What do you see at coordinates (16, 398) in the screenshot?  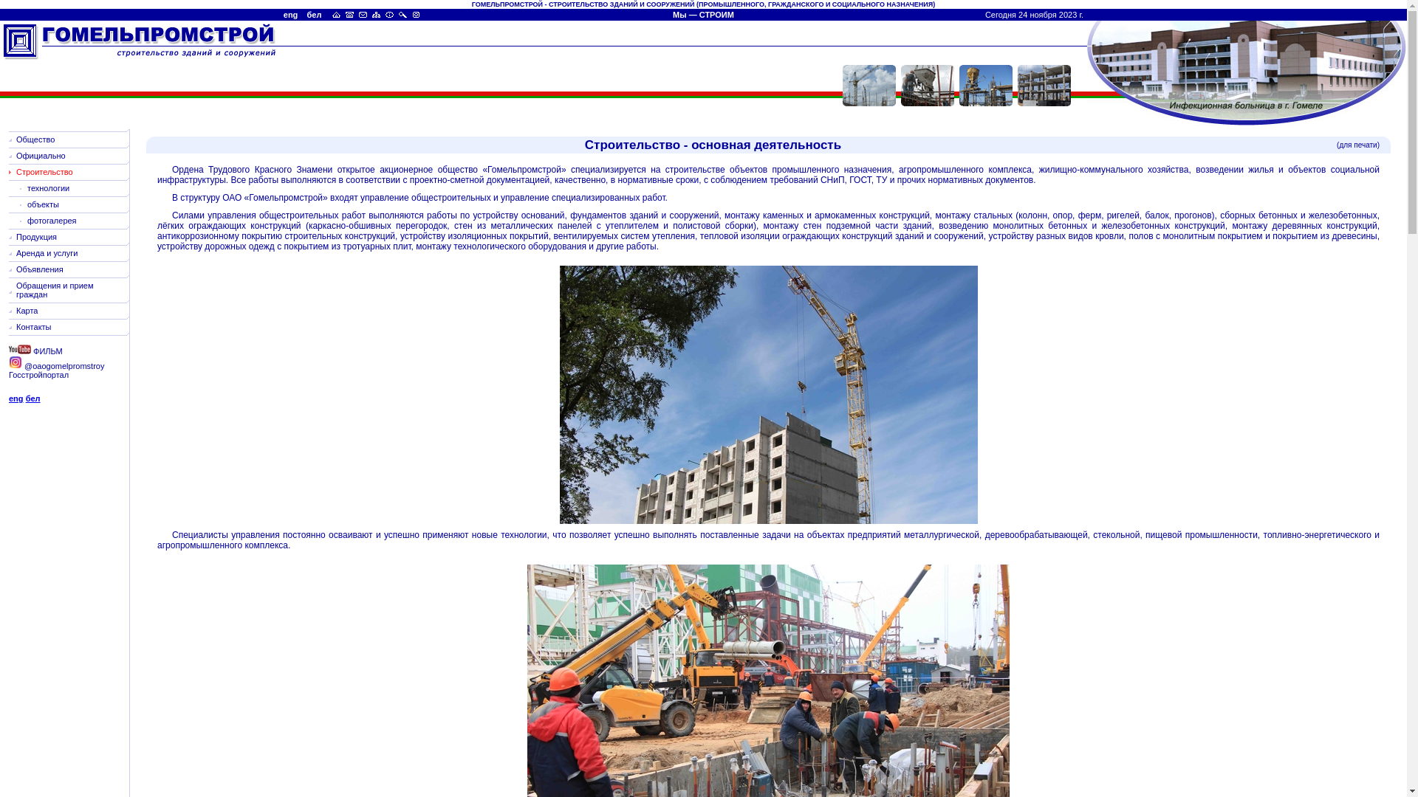 I see `'eng'` at bounding box center [16, 398].